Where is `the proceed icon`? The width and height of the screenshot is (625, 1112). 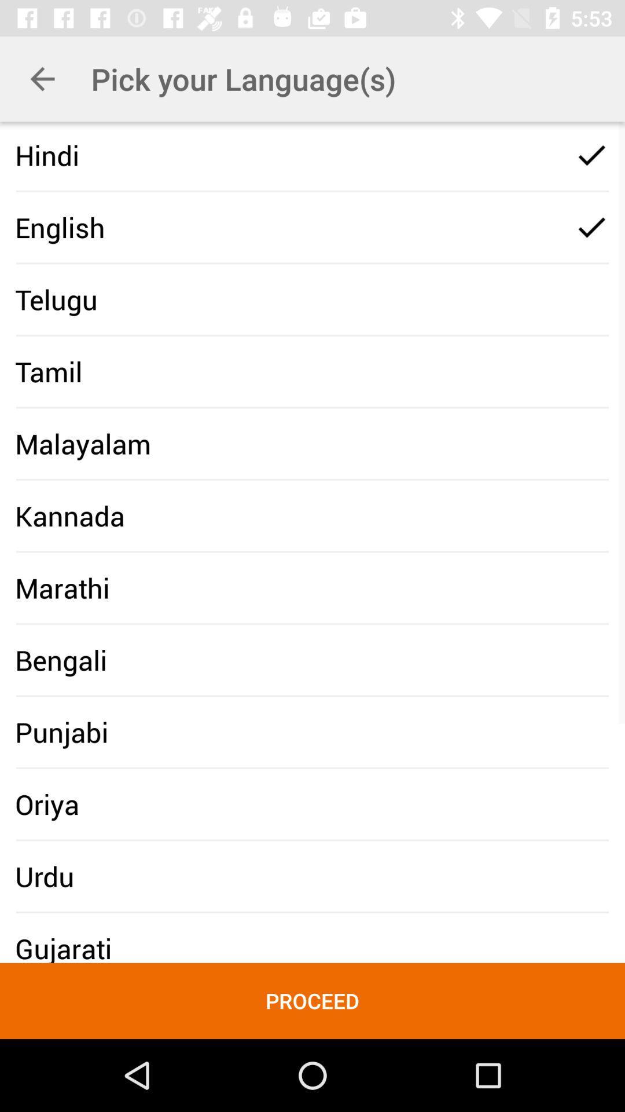
the proceed icon is located at coordinates (312, 1000).